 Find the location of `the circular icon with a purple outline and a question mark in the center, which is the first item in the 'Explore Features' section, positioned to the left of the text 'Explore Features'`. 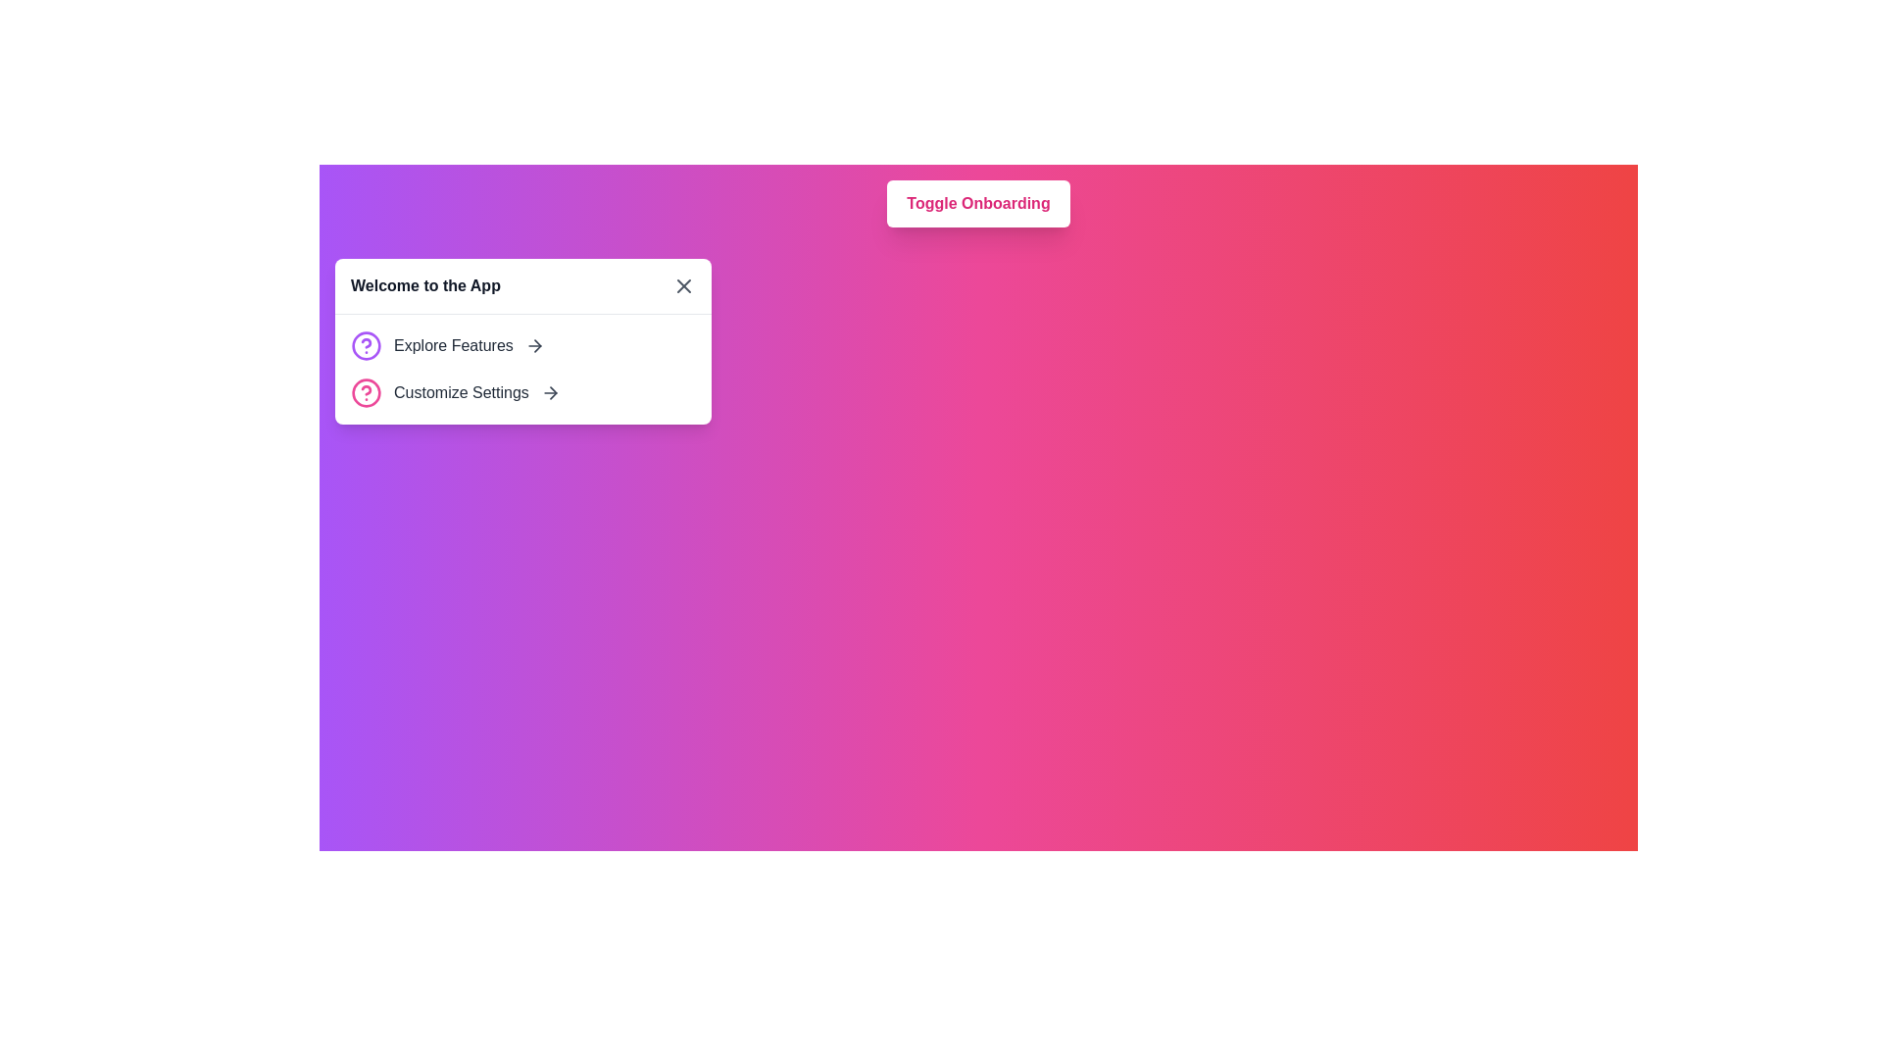

the circular icon with a purple outline and a question mark in the center, which is the first item in the 'Explore Features' section, positioned to the left of the text 'Explore Features' is located at coordinates (367, 345).